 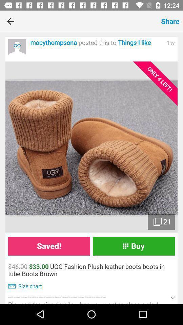 I want to click on the saved!, so click(x=48, y=246).